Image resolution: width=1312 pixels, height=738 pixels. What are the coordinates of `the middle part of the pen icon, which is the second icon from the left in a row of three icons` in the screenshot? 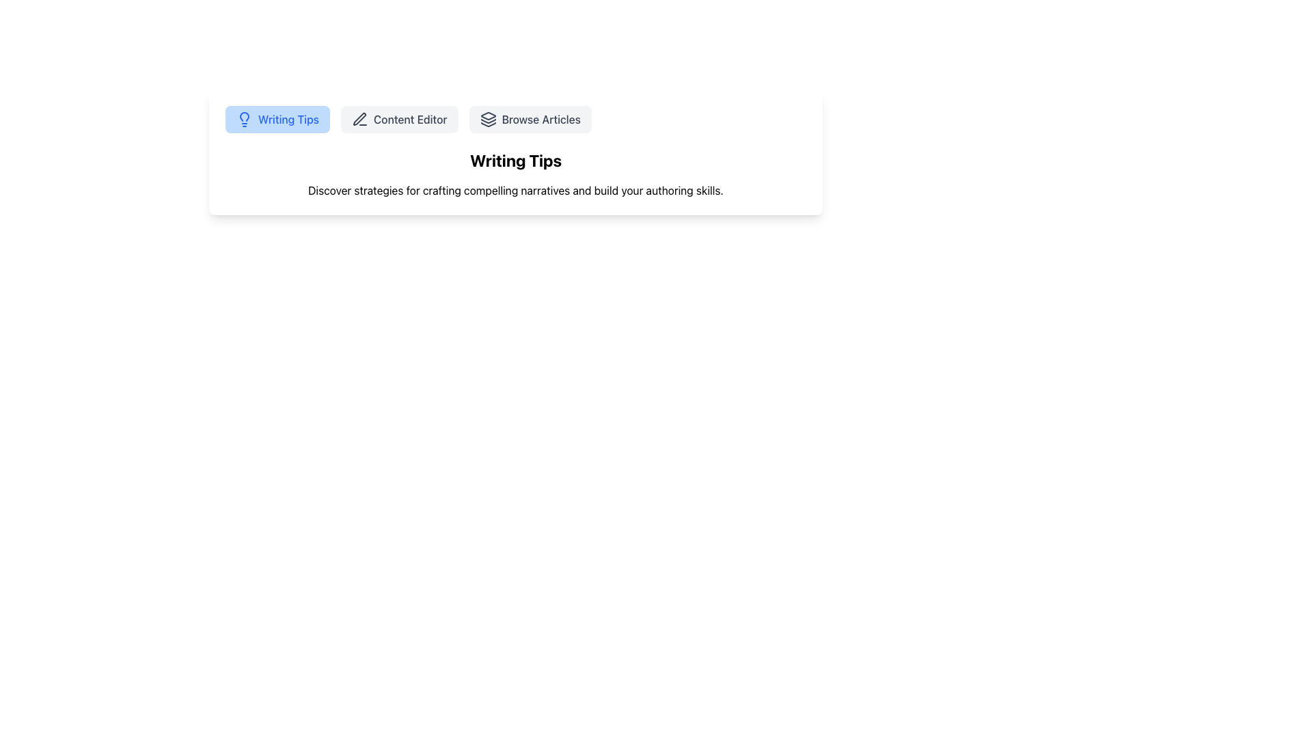 It's located at (359, 118).